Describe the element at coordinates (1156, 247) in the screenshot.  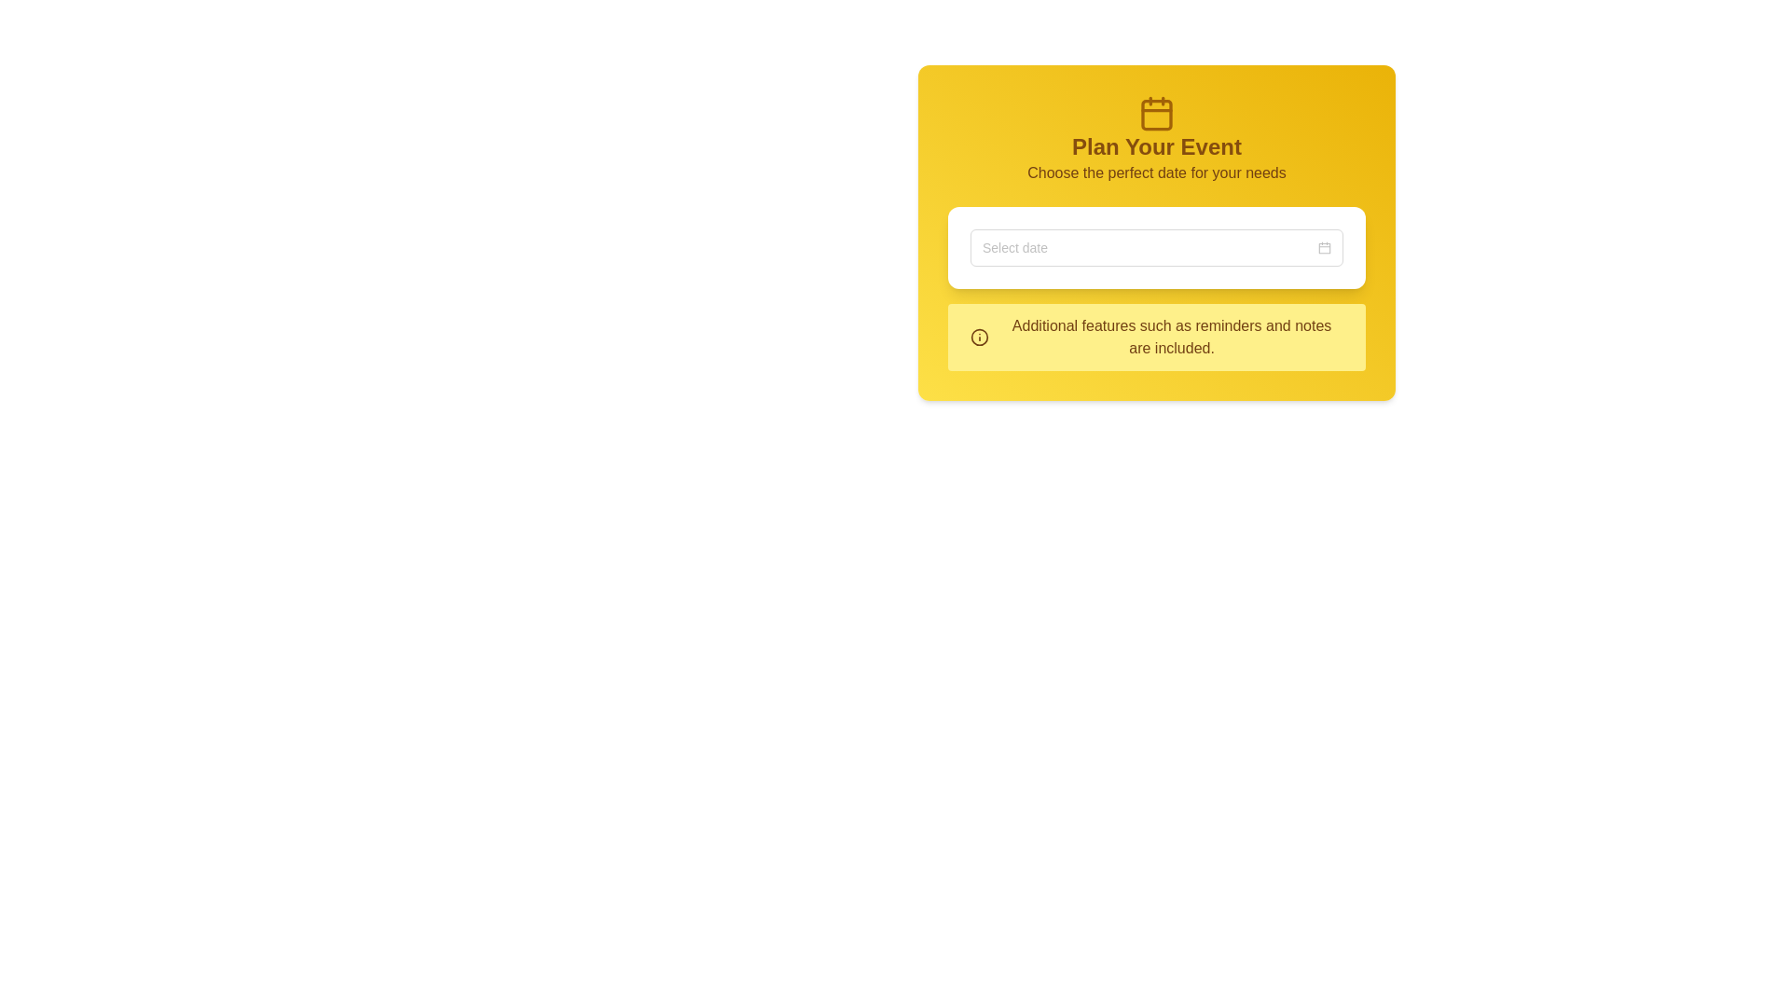
I see `the Dropdown menu type date-picker input located below the title 'Plan Your Event' to enter a date value if editable` at that location.